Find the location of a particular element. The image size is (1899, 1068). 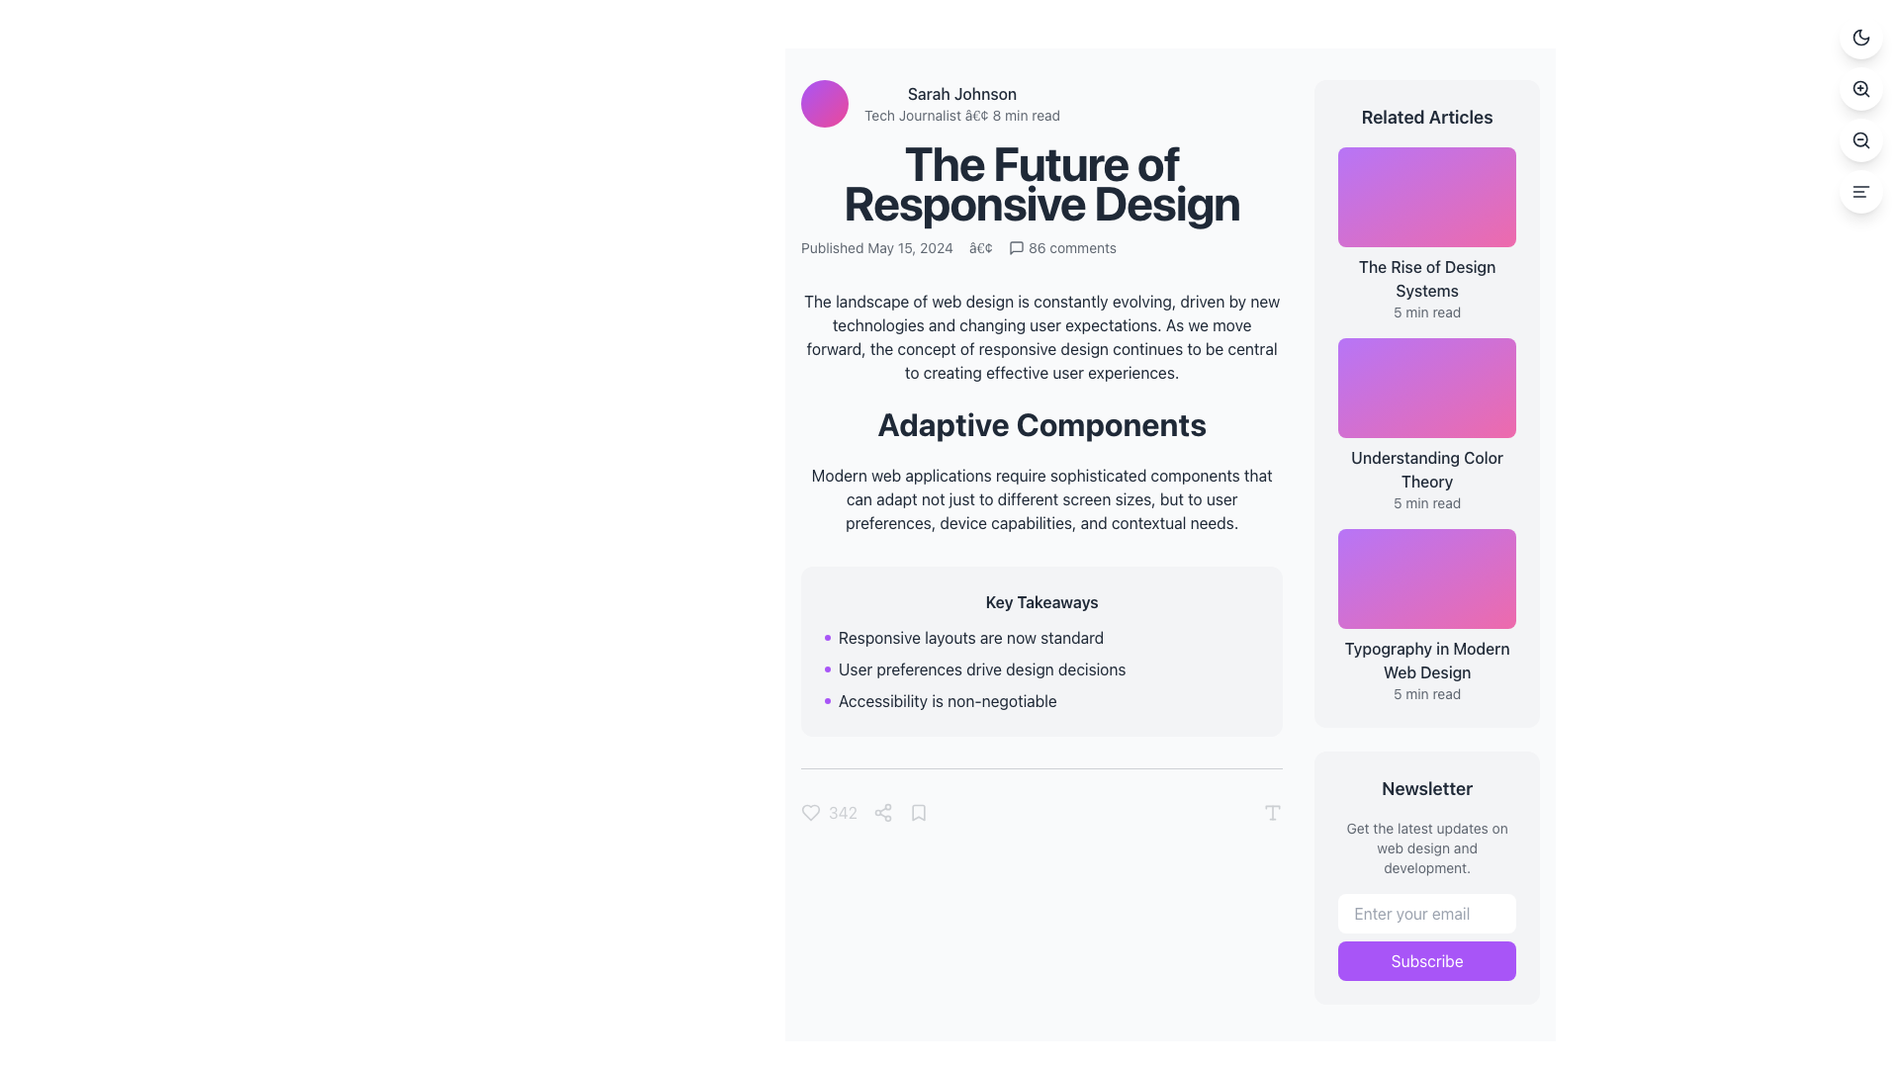

the comment count text element located at the top-right section of the article's heading area, which follows the comment icon is located at coordinates (1071, 246).